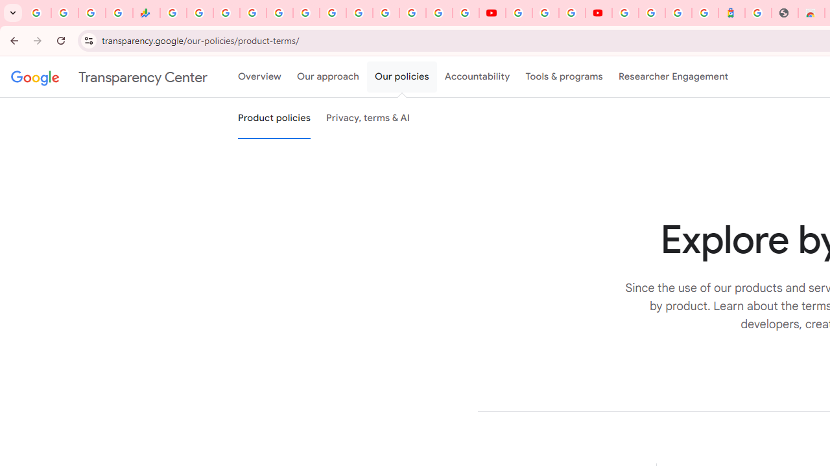 The image size is (830, 466). Describe the element at coordinates (259, 77) in the screenshot. I see `'Overview'` at that location.